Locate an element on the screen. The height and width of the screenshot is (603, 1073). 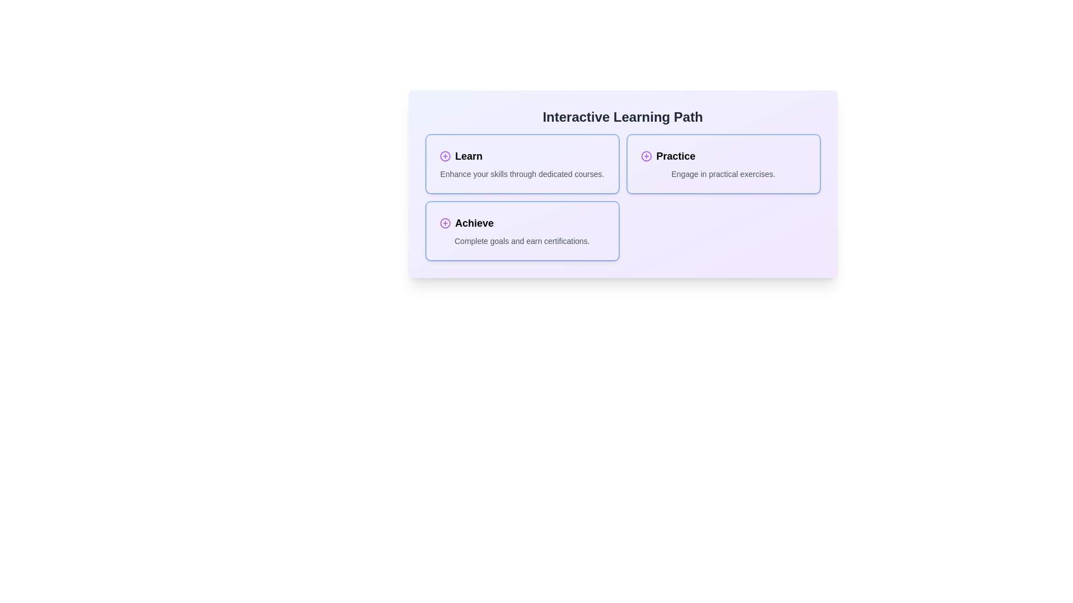
the circular portion of the '+' symbol icon within the 'Practice' section card, located in the upper right quadrant of the user interface module is located at coordinates (646, 156).